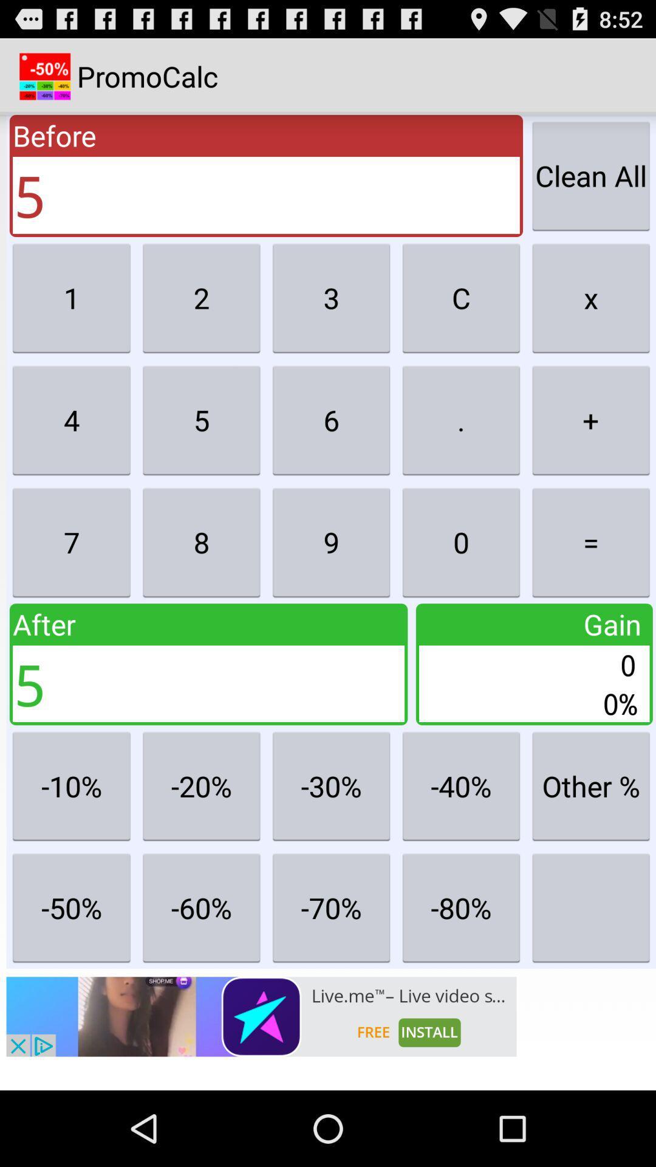 This screenshot has height=1167, width=656. I want to click on calculator, so click(590, 907).